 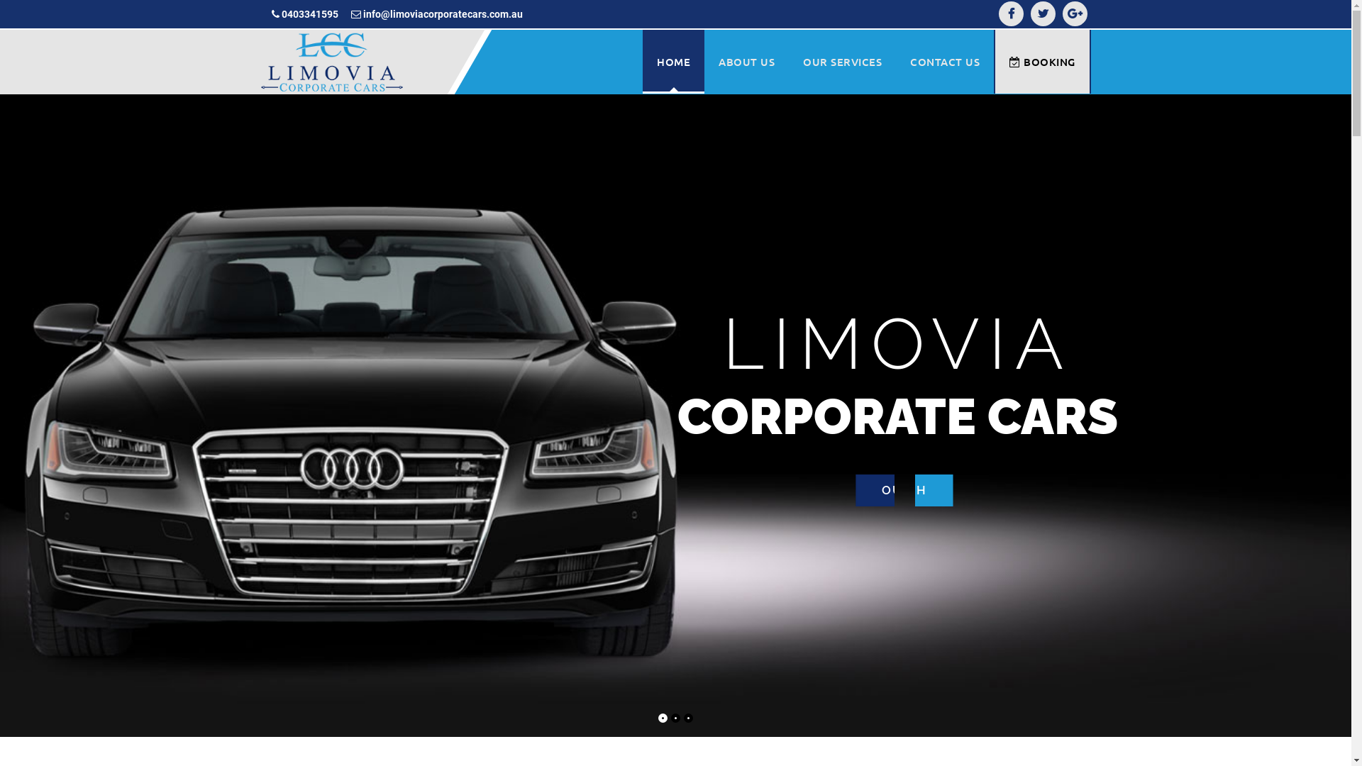 I want to click on 'Limovia corporate cars', so click(x=331, y=61).